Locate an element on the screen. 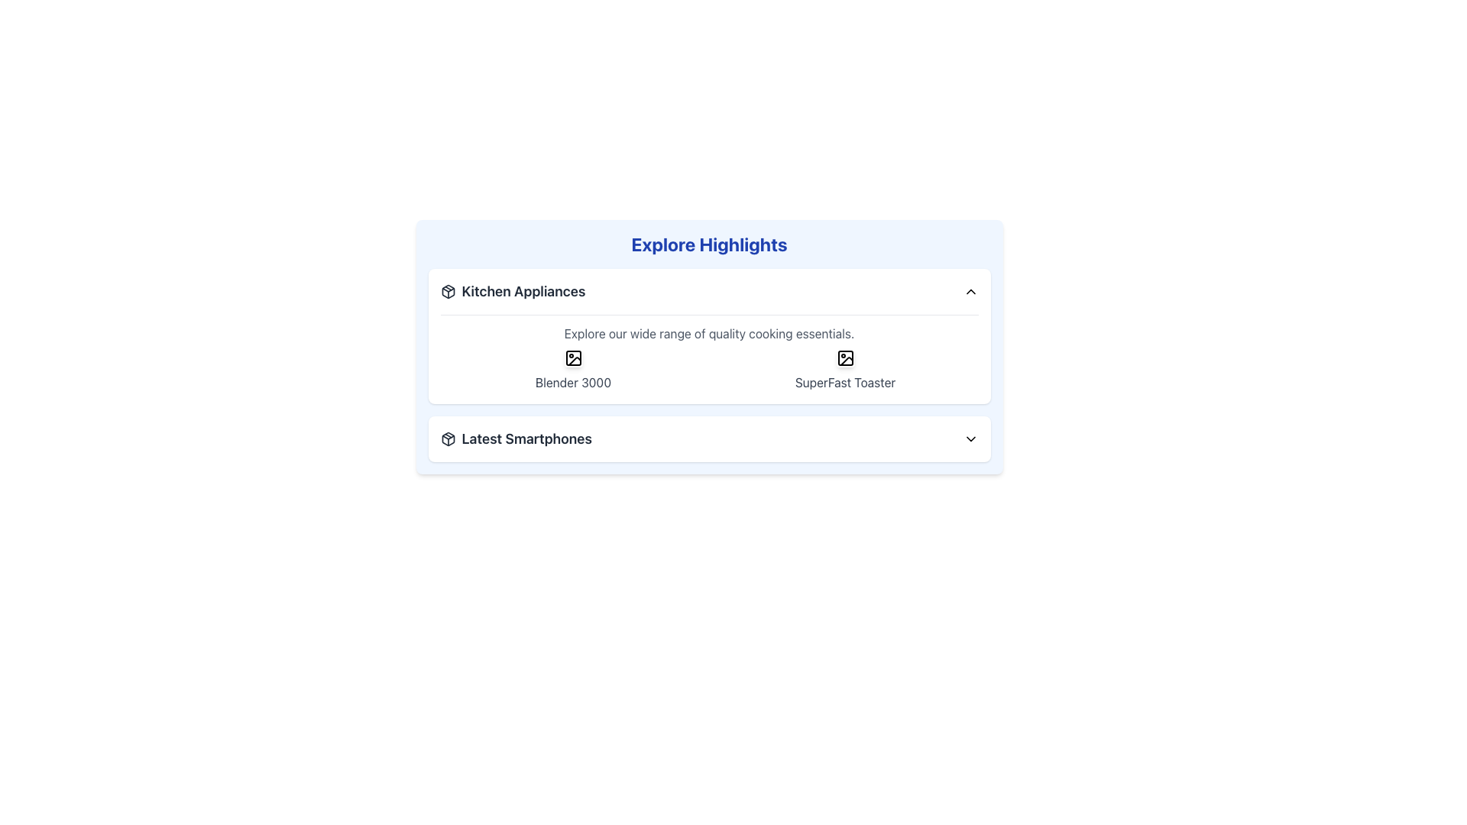 This screenshot has height=825, width=1467. text from the informational snippet or subtitle located at the top of the kitchen appliances content card, centered horizontally is located at coordinates (708, 332).